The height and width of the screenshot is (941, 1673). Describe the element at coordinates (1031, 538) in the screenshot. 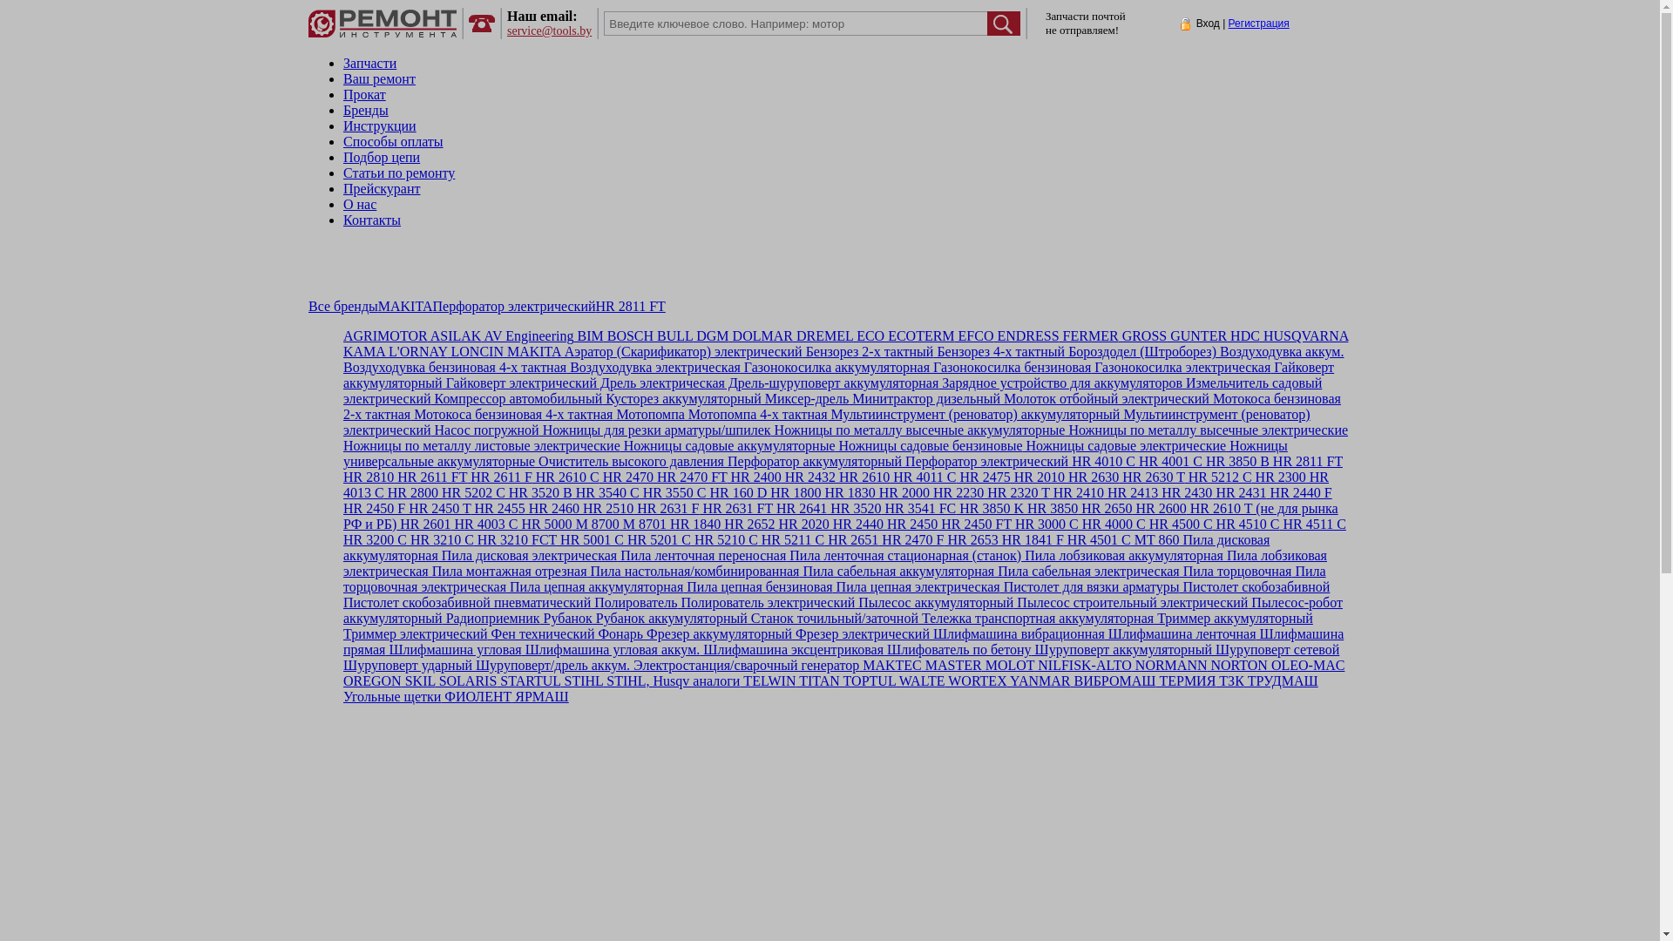

I see `'HR 1841 F'` at that location.